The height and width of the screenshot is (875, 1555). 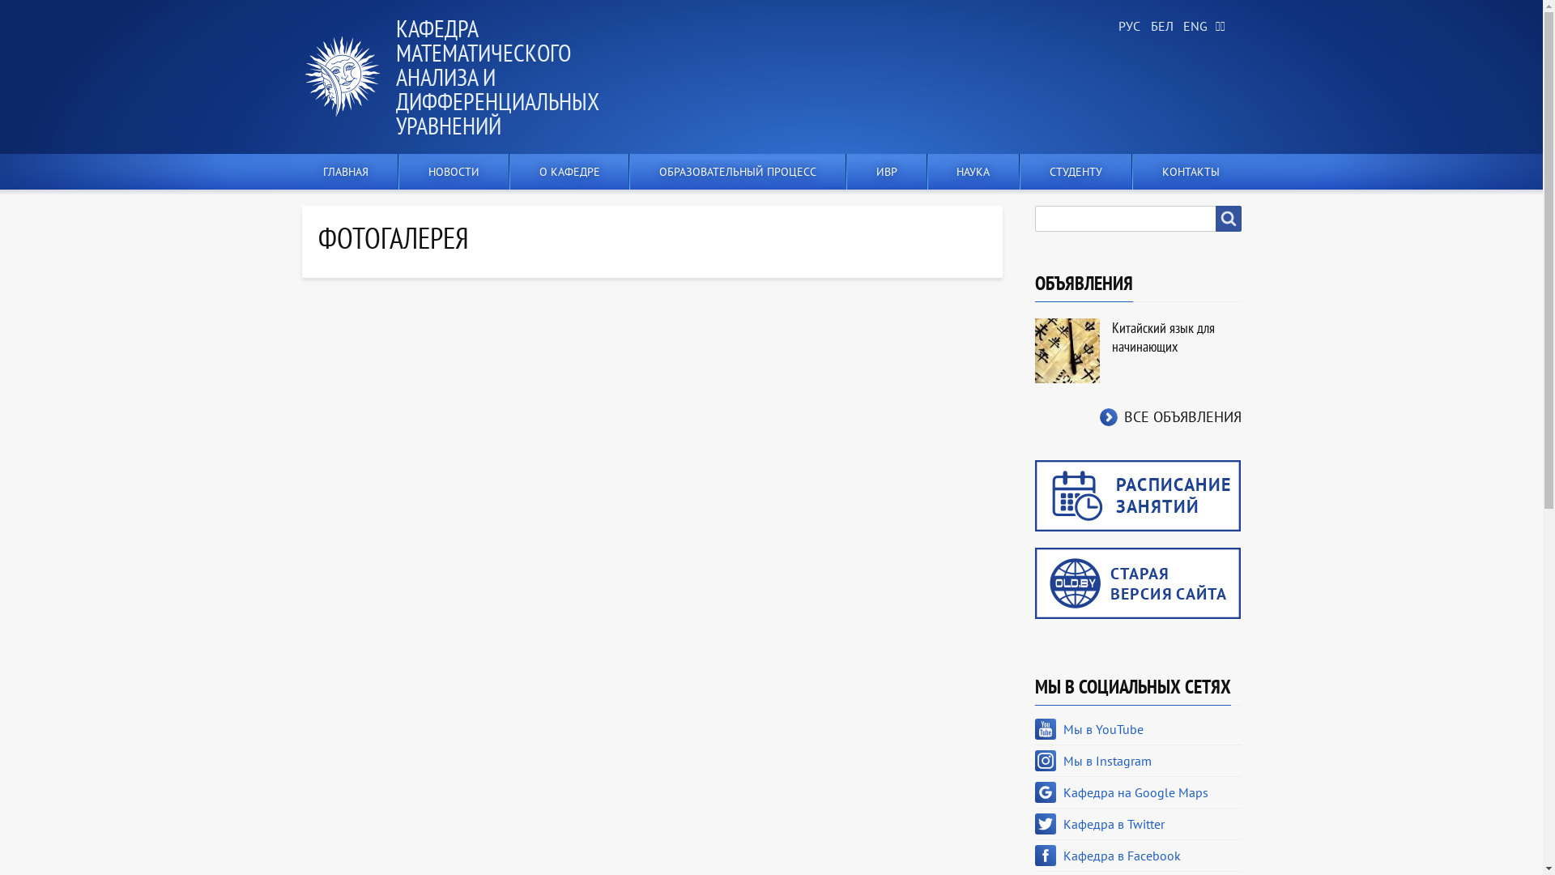 I want to click on 'English', so click(x=1192, y=27).